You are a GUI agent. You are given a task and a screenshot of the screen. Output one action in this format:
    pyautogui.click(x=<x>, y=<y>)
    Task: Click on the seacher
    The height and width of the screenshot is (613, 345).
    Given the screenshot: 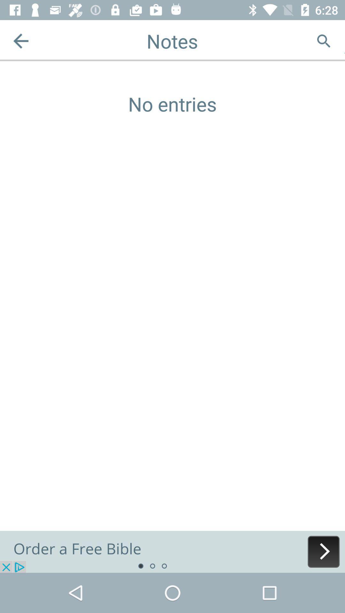 What is the action you would take?
    pyautogui.click(x=324, y=41)
    